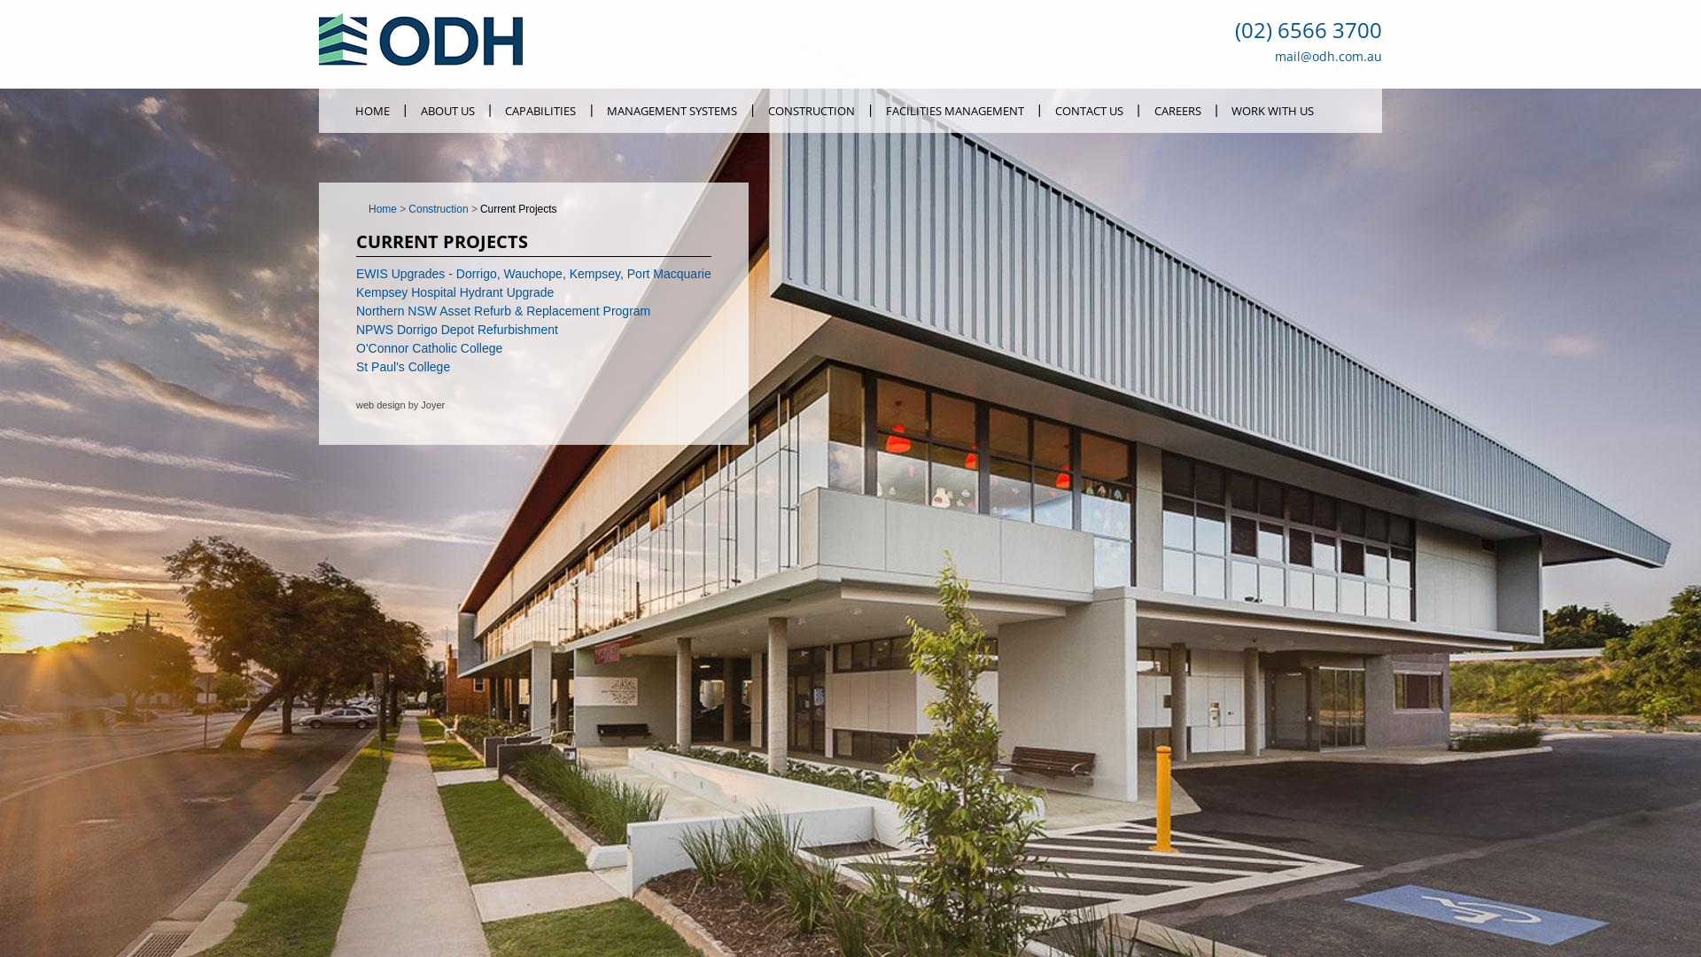 Image resolution: width=1701 pixels, height=957 pixels. I want to click on 'HOME', so click(340, 110).